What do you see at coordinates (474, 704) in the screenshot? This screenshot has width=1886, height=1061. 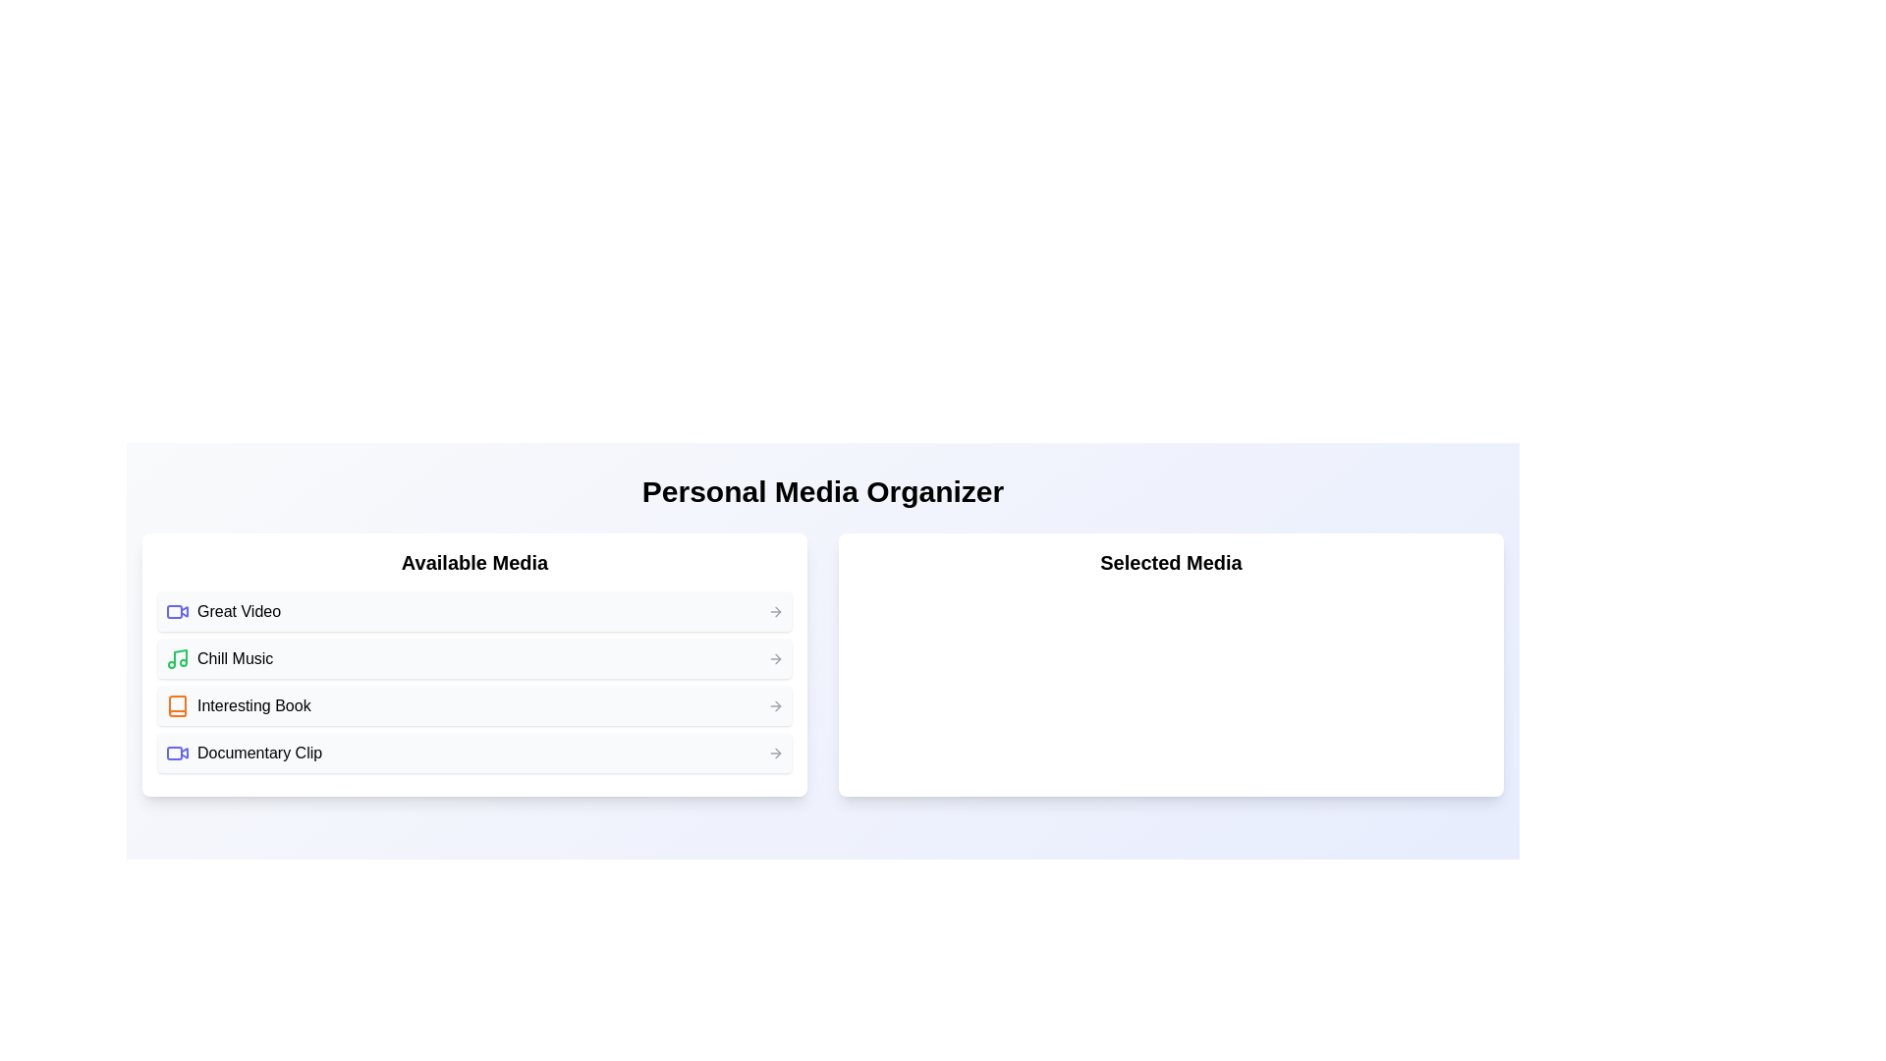 I see `the 'Interesting Book' list item in the 'Available Media' section` at bounding box center [474, 704].